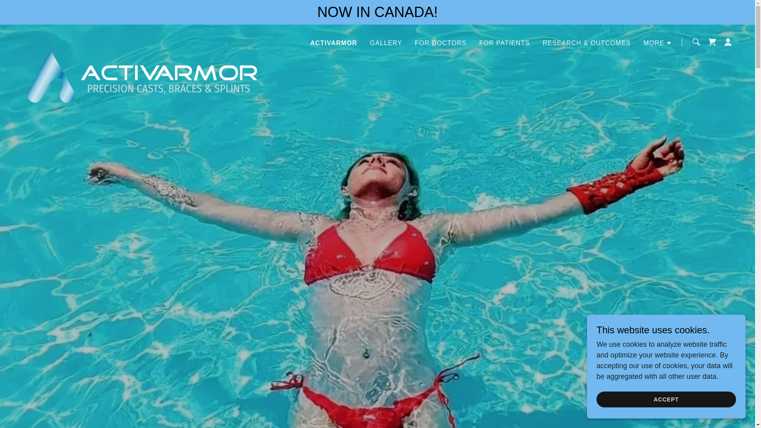 The height and width of the screenshot is (428, 761). I want to click on 'FOR PATIENTS', so click(504, 43).